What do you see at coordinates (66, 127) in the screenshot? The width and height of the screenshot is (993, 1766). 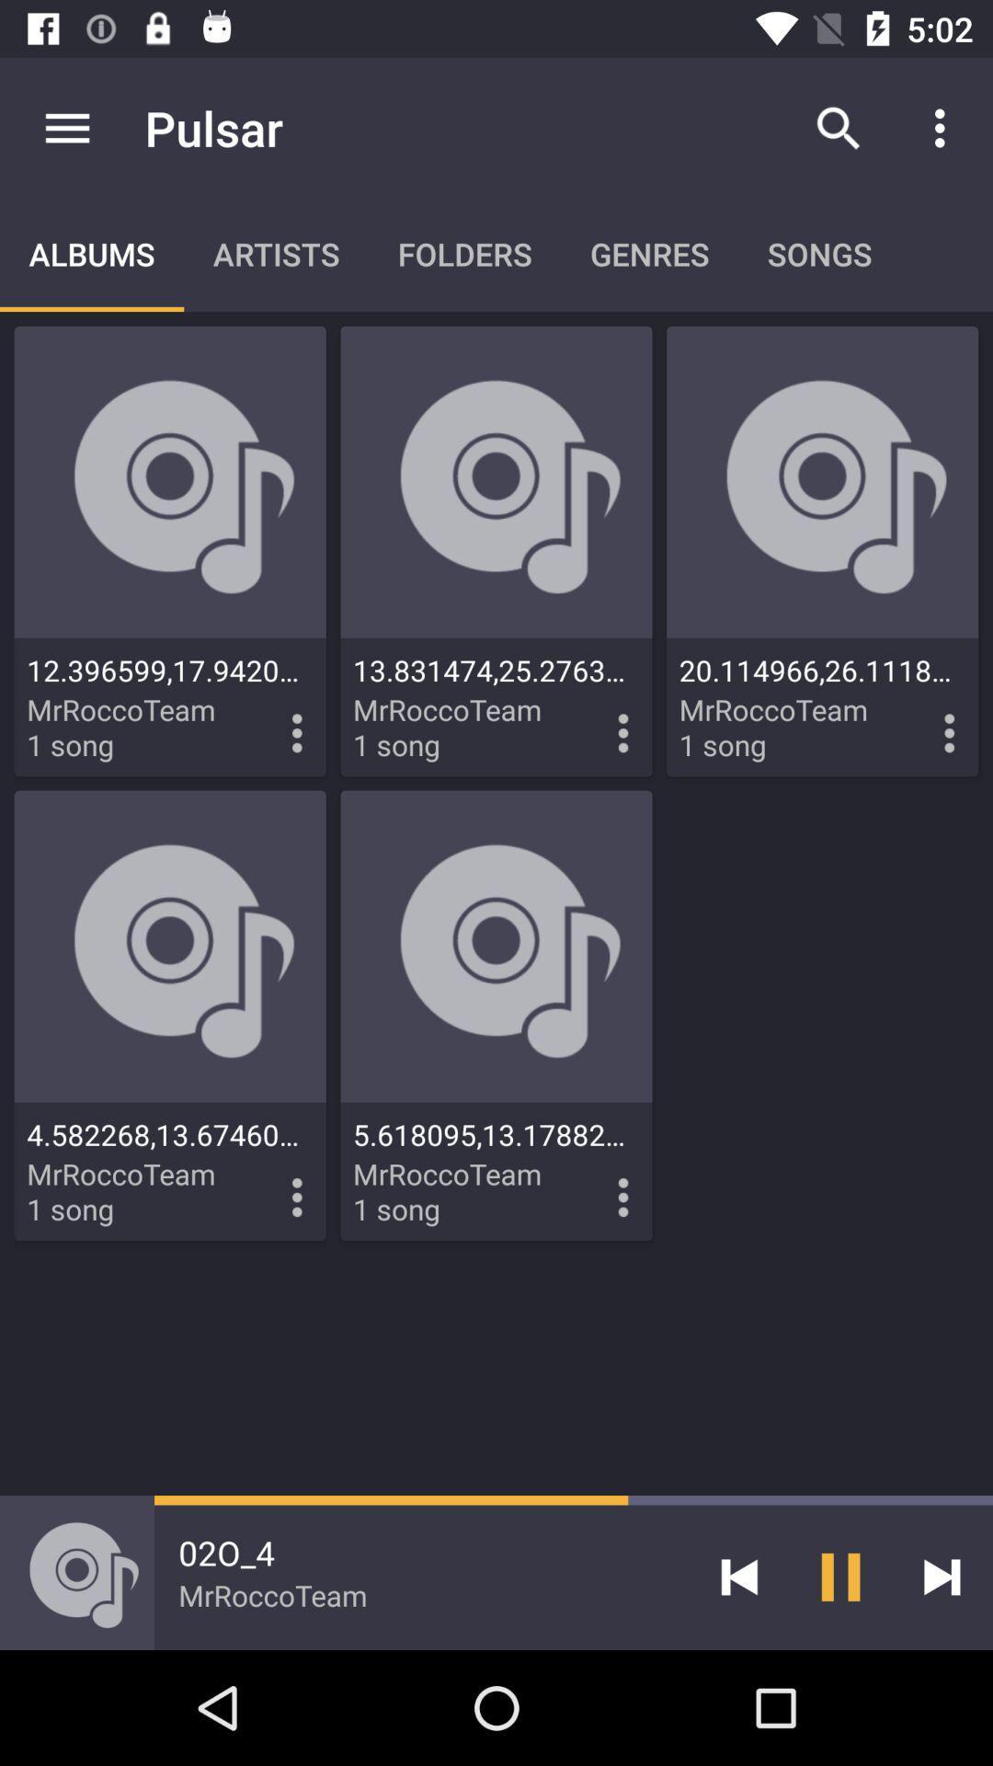 I see `app to the left of pulsar` at bounding box center [66, 127].